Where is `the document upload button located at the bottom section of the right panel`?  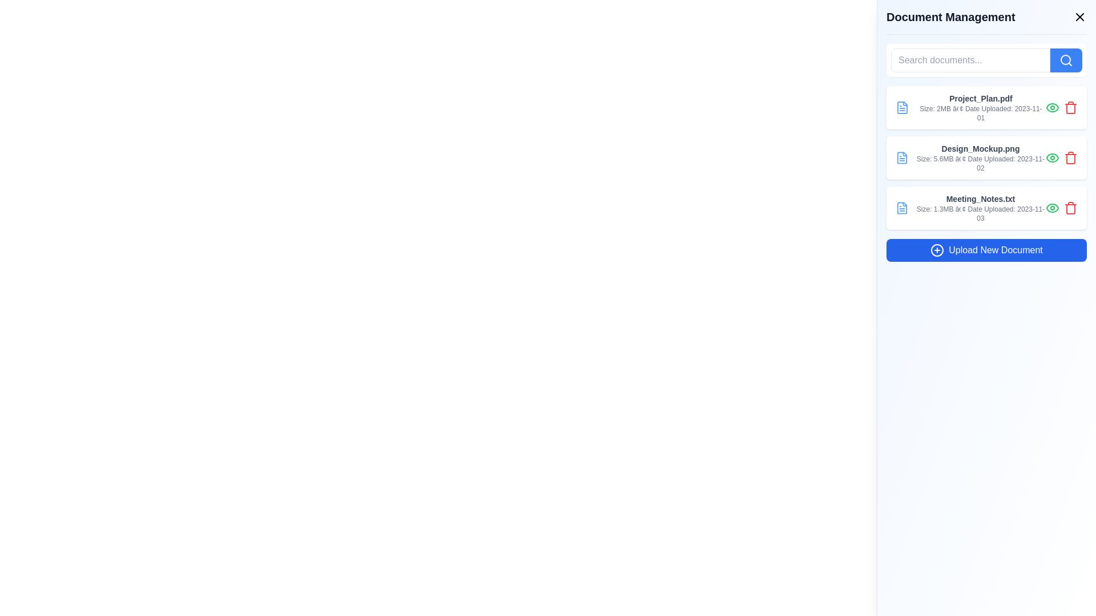 the document upload button located at the bottom section of the right panel is located at coordinates (986, 250).